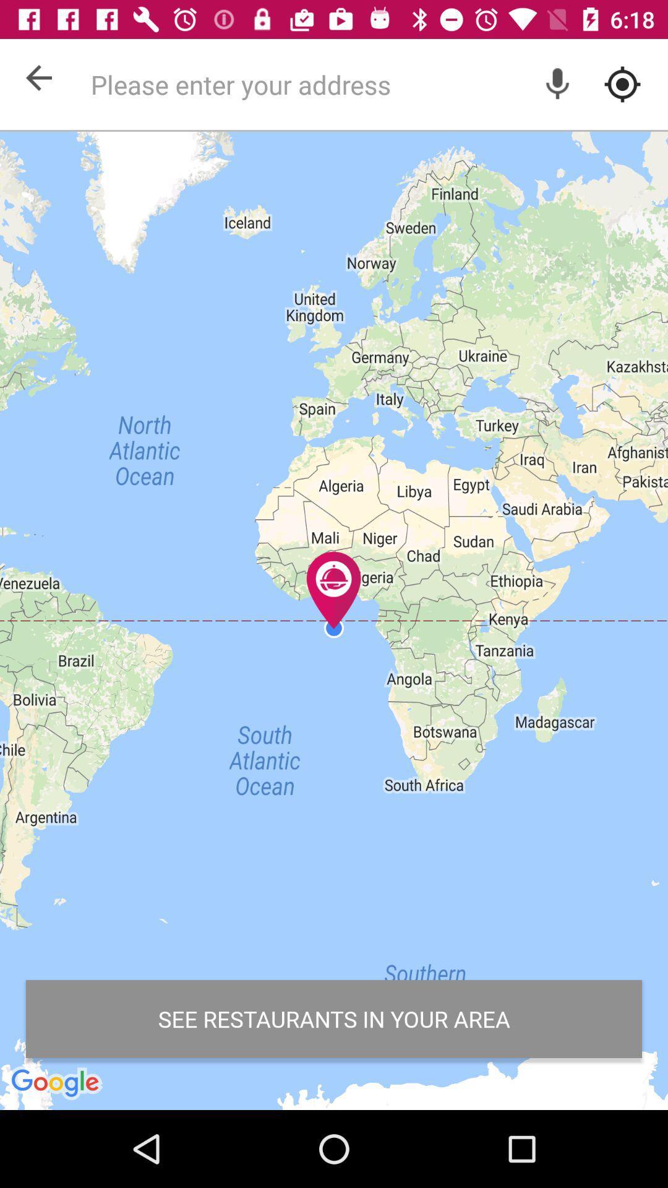 The width and height of the screenshot is (668, 1188). I want to click on go back, so click(38, 77).